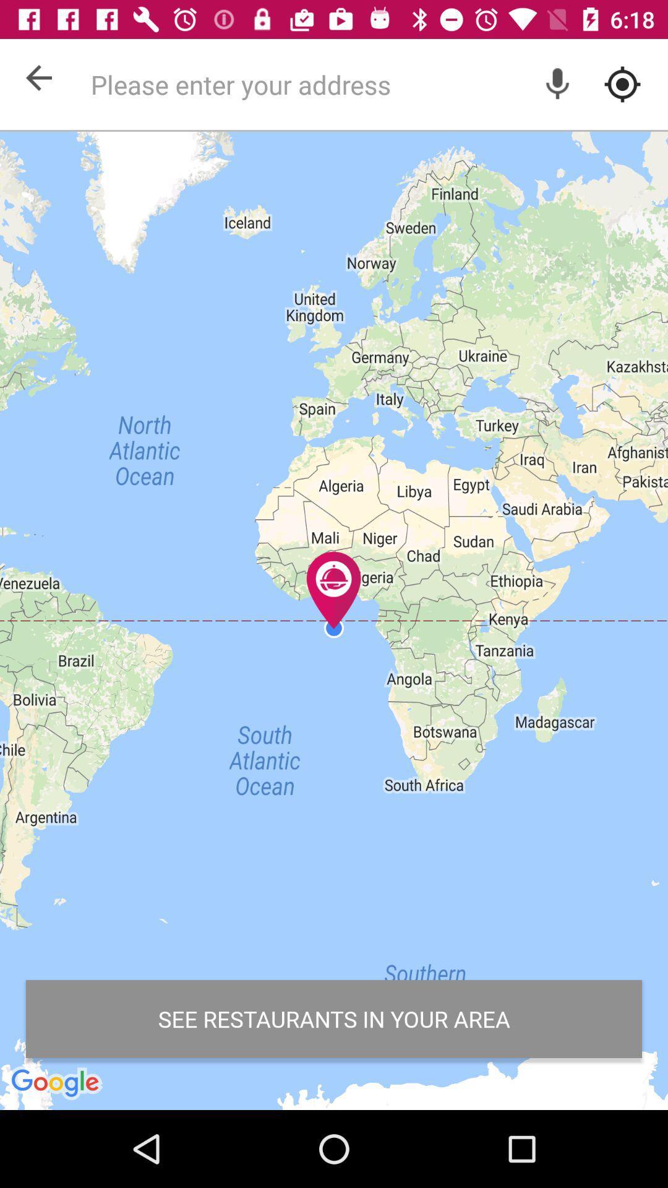 The width and height of the screenshot is (668, 1188). I want to click on go back, so click(38, 77).